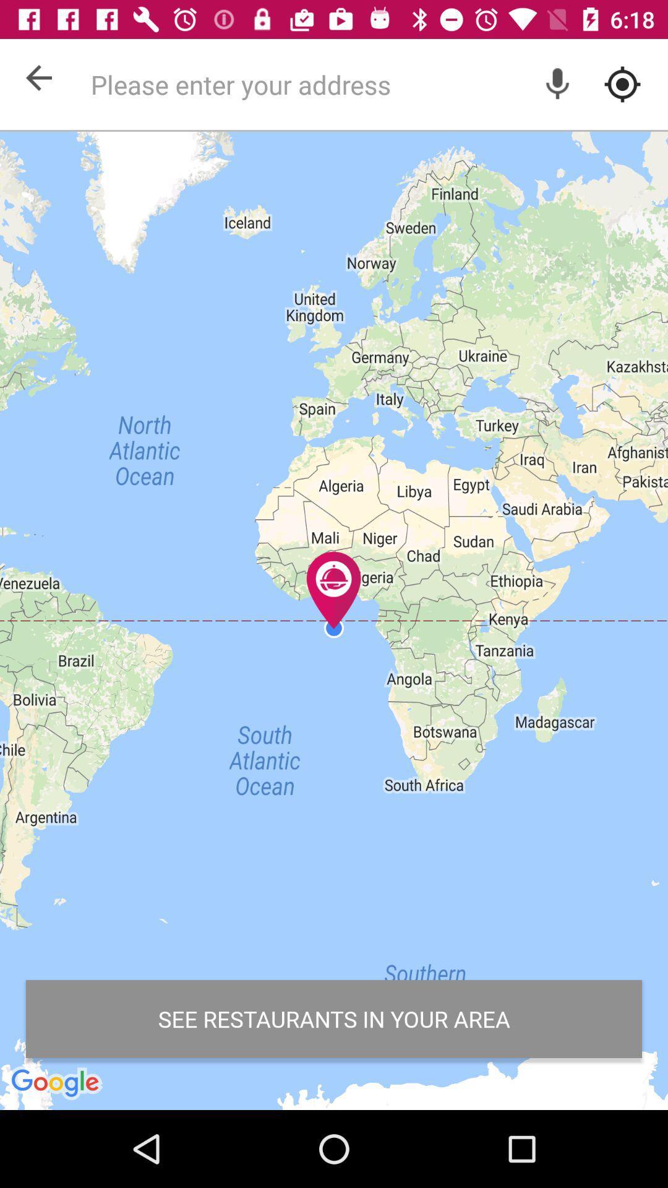 The width and height of the screenshot is (668, 1188). I want to click on go back, so click(38, 77).